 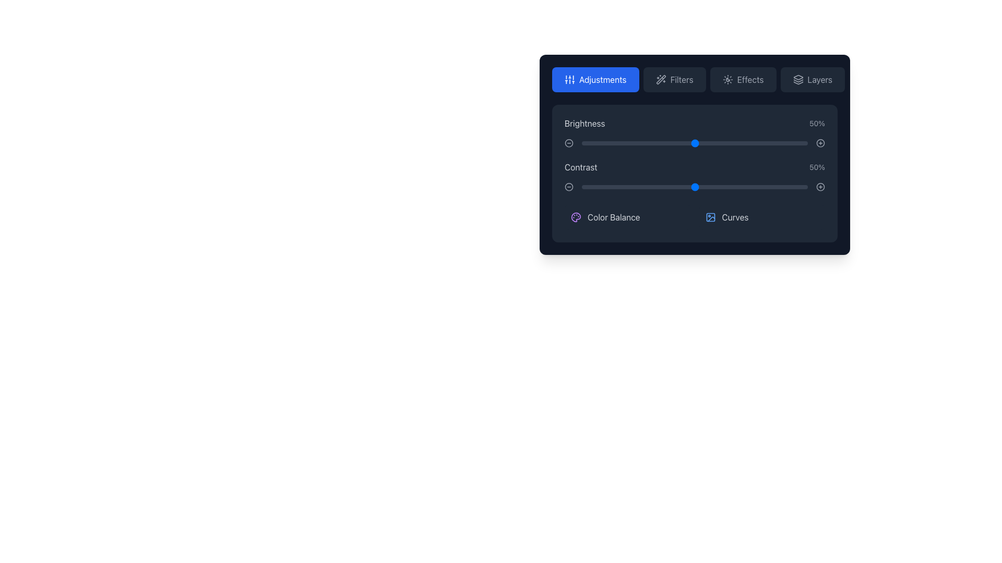 I want to click on the contrast level, so click(x=699, y=186).